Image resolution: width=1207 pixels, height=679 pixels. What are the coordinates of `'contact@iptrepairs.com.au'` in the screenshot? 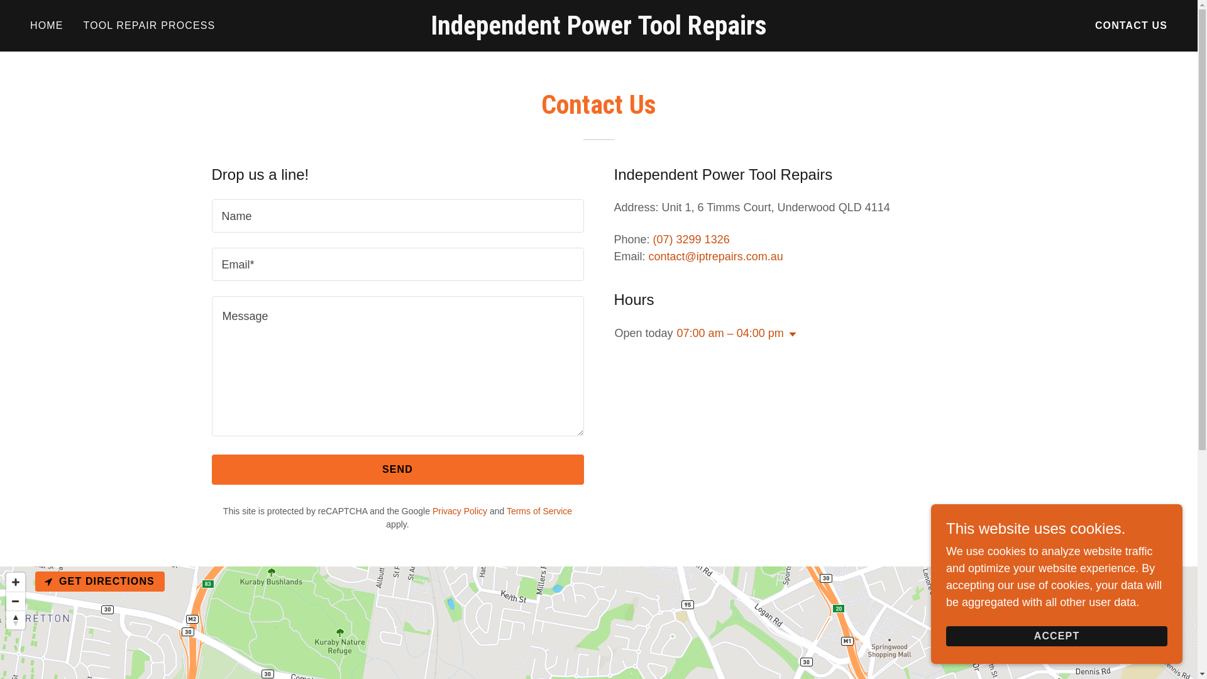 It's located at (715, 256).